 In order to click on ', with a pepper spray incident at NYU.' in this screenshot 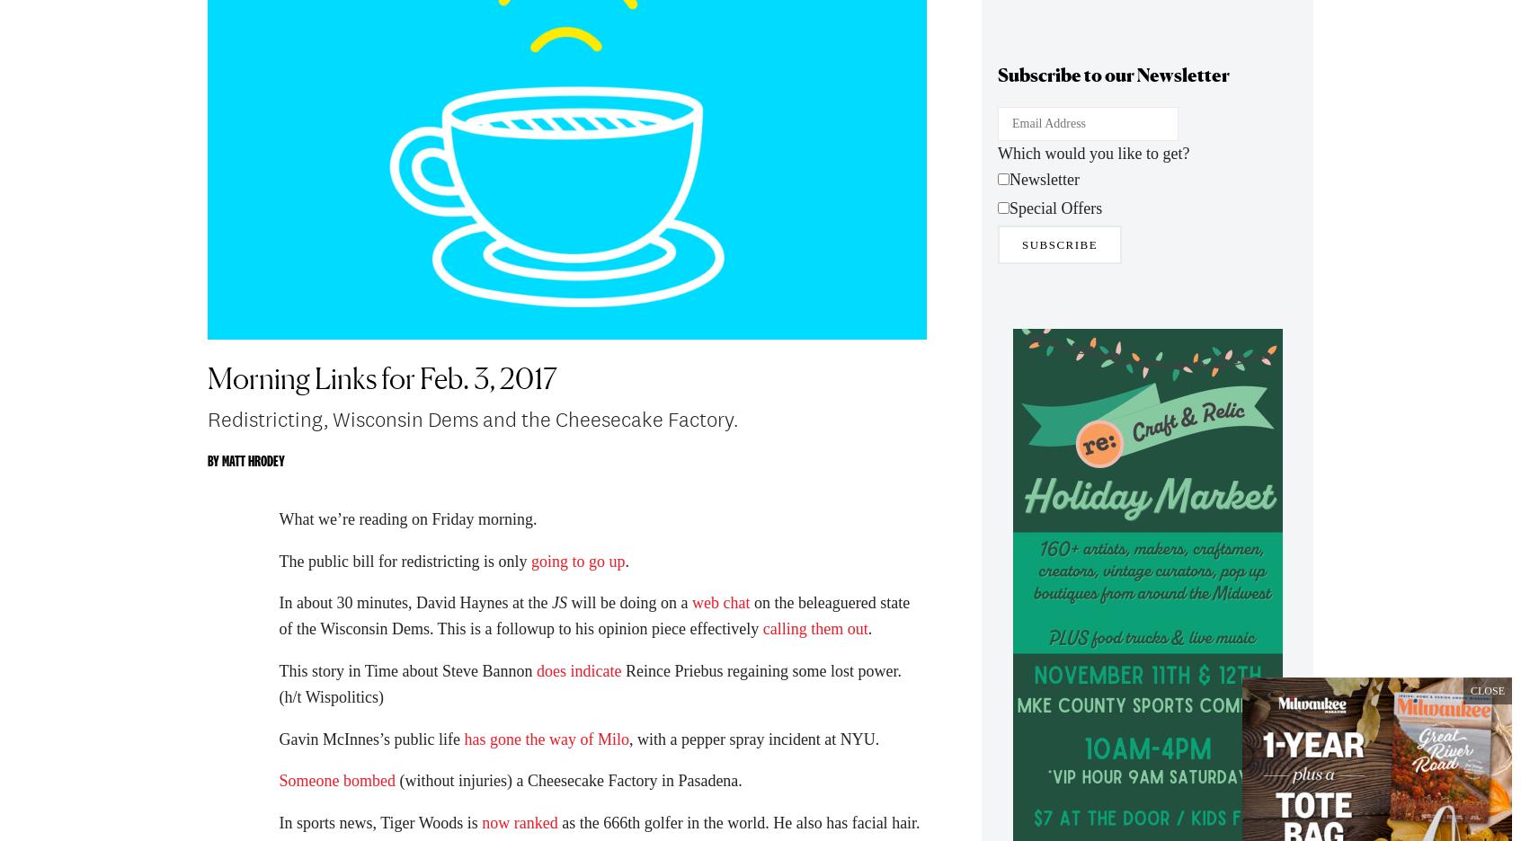, I will do `click(753, 748)`.